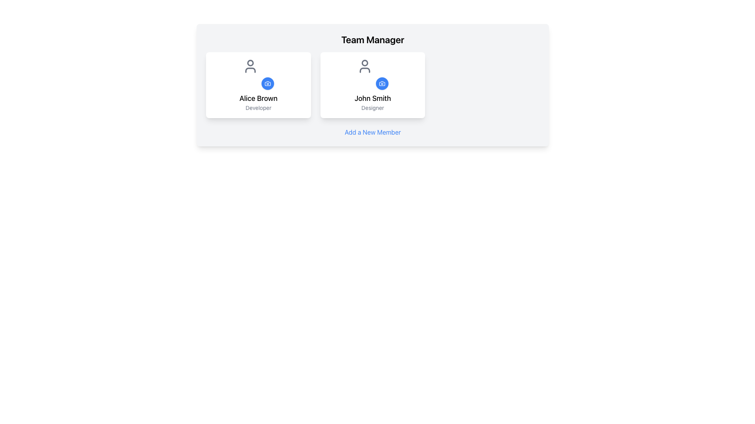 This screenshot has height=424, width=755. Describe the element at coordinates (250, 66) in the screenshot. I see `the user silhouette graphical icon in the top-left section of the card labeled 'Alice Brown Developer' within the 'Team Manager' interface` at that location.